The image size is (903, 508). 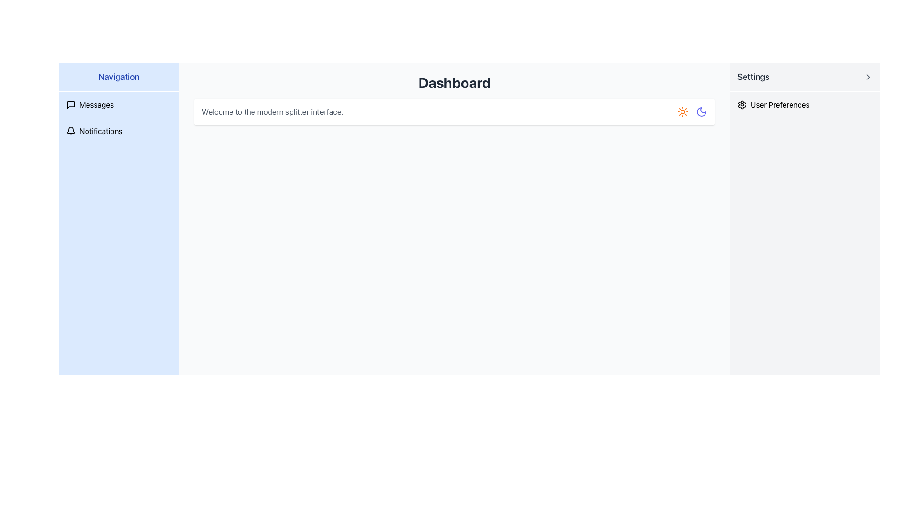 What do you see at coordinates (70, 105) in the screenshot?
I see `the message box icon, which is a vector graphical icon styled as a speech bubble with a stroke outline, located next to the 'Messages' label in the navigation section` at bounding box center [70, 105].